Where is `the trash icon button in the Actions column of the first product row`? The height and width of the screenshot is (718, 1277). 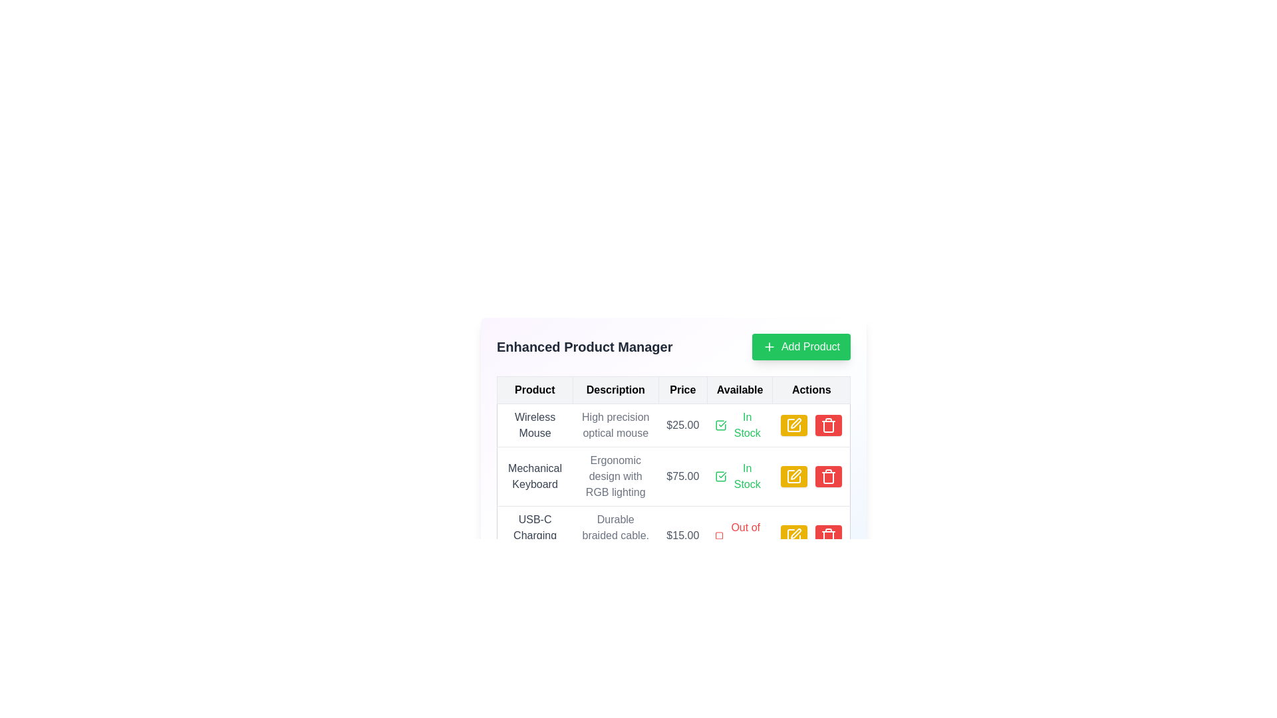
the trash icon button in the Actions column of the first product row is located at coordinates (827, 476).